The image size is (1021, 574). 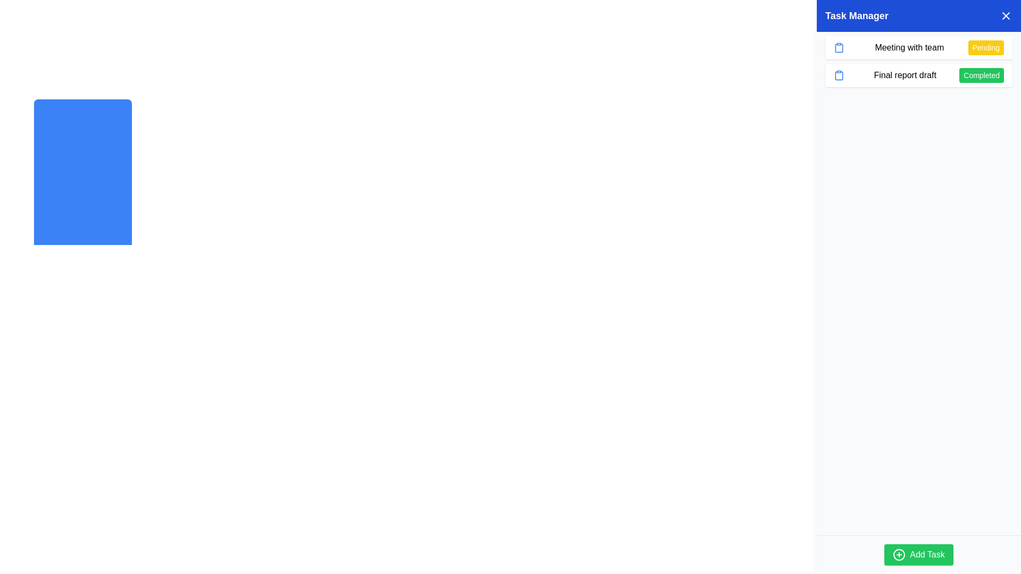 What do you see at coordinates (1005, 16) in the screenshot?
I see `the close button located in the top-right corner of the 'Task Manager' header bar` at bounding box center [1005, 16].